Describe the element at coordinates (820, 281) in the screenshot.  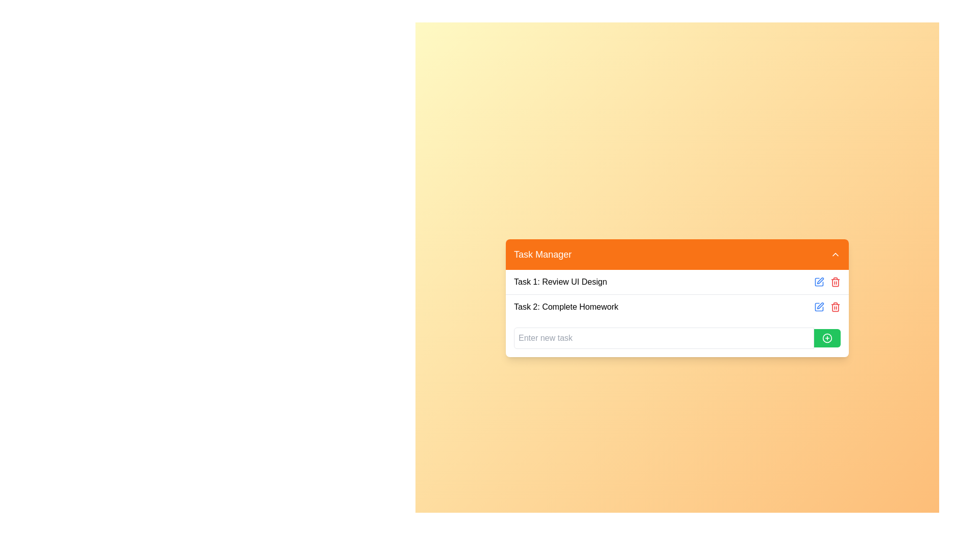
I see `the pen icon button in the upper-right corner of the 'Task Manager' card` at that location.